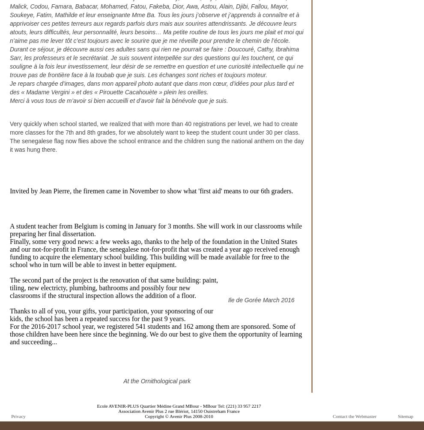 The height and width of the screenshot is (430, 424). Describe the element at coordinates (9, 88) in the screenshot. I see `'Je repars chargée d’images, dans mon appareil photo autant que dans mon cœur, d’idées pour plus tard et des « Madame Vergini » et des « Pirouette Cacahouète » plein les oreilles.'` at that location.